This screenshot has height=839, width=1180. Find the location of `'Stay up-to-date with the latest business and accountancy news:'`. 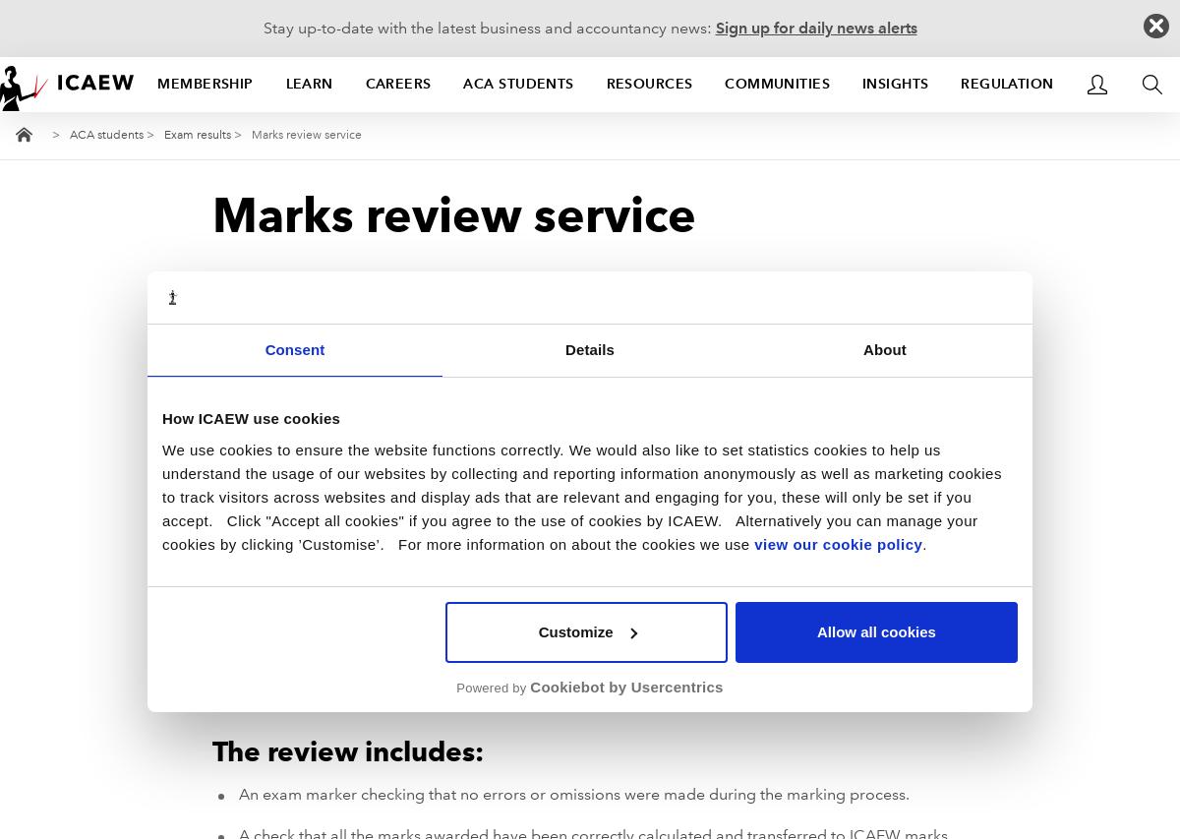

'Stay up-to-date with the latest business and accountancy news:' is located at coordinates (262, 27).